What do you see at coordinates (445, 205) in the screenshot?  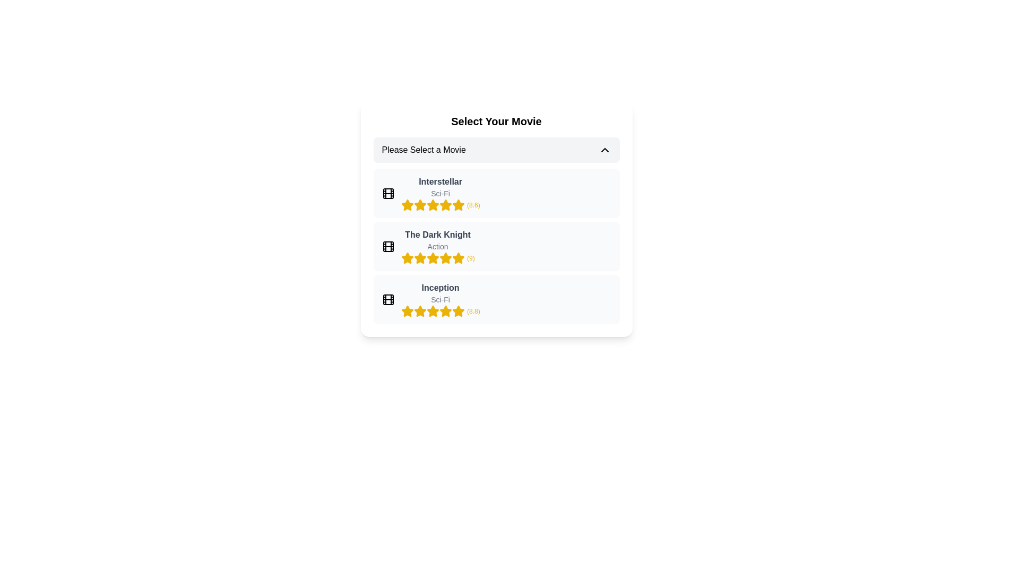 I see `the third star icon representing the rating for the 'Interstellar' movie in the first row of the list` at bounding box center [445, 205].